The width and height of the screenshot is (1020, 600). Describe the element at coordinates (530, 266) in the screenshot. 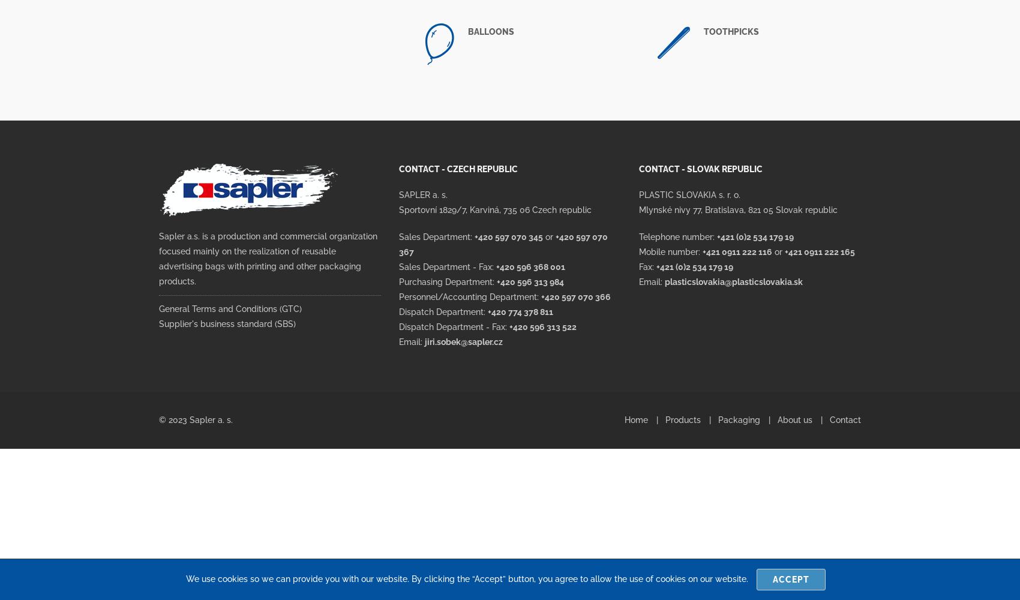

I see `'+420 596 368 001'` at that location.